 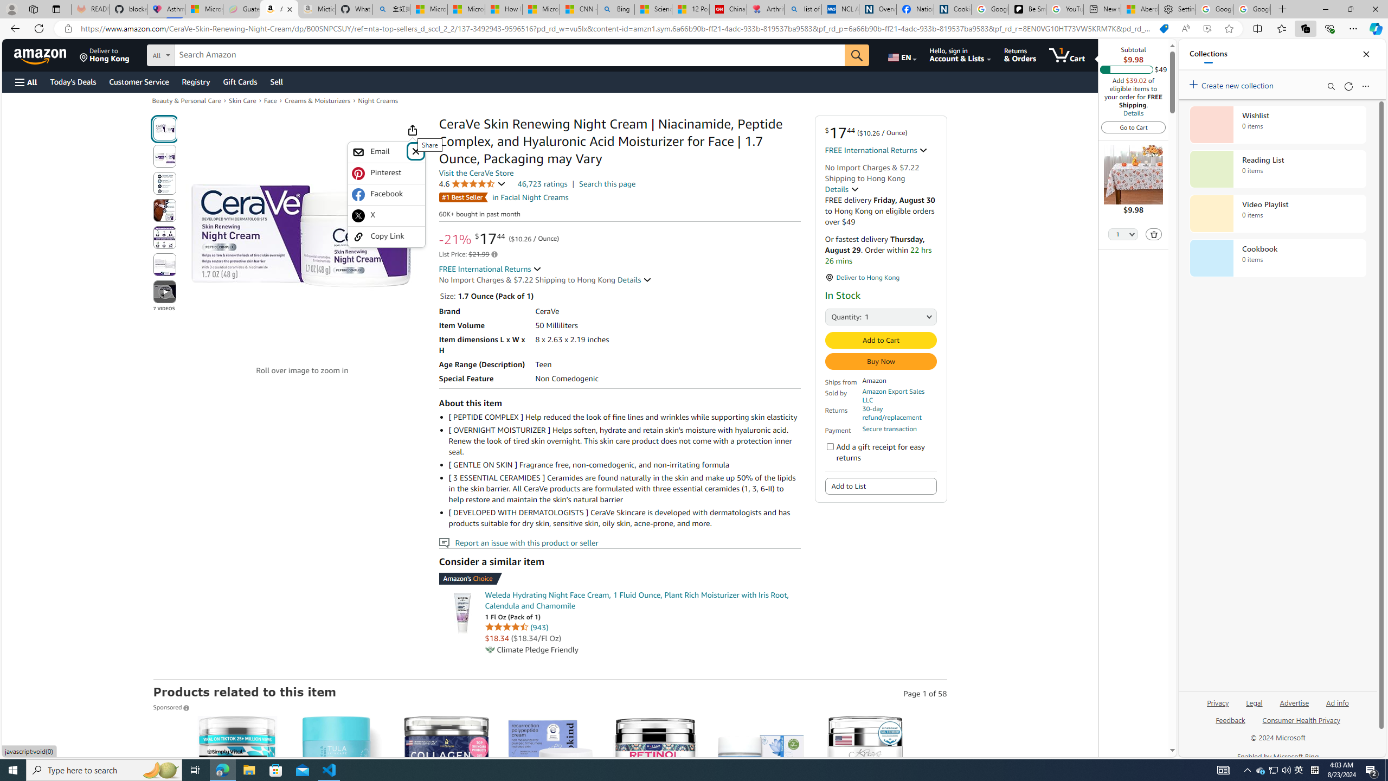 What do you see at coordinates (1277, 213) in the screenshot?
I see `'Video Playlist collection, 0 items'` at bounding box center [1277, 213].